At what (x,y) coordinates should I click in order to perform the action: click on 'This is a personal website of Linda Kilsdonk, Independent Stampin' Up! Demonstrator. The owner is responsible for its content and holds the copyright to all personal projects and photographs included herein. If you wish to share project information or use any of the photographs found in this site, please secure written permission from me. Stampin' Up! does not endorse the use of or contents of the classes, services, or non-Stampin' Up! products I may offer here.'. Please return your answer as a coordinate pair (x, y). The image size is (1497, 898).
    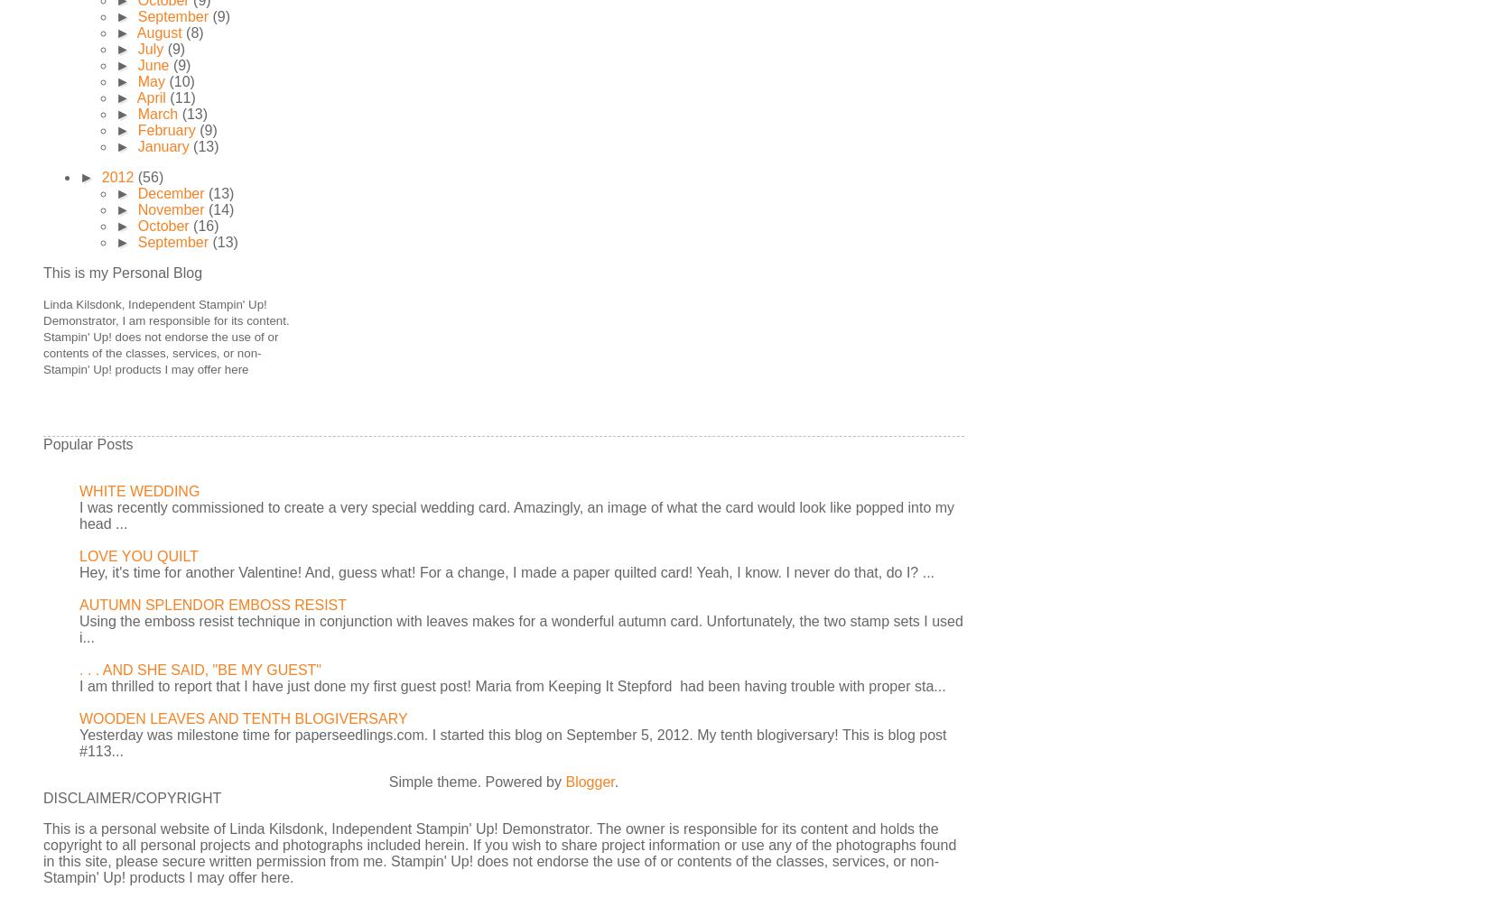
    Looking at the image, I should click on (42, 853).